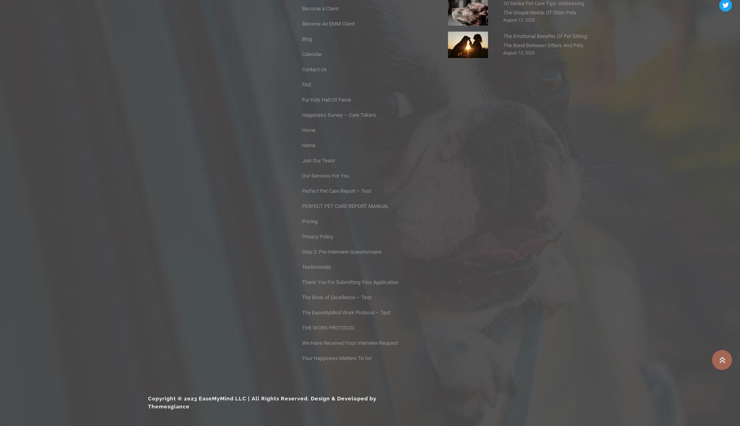 This screenshot has width=740, height=426. What do you see at coordinates (306, 84) in the screenshot?
I see `'FAQ'` at bounding box center [306, 84].